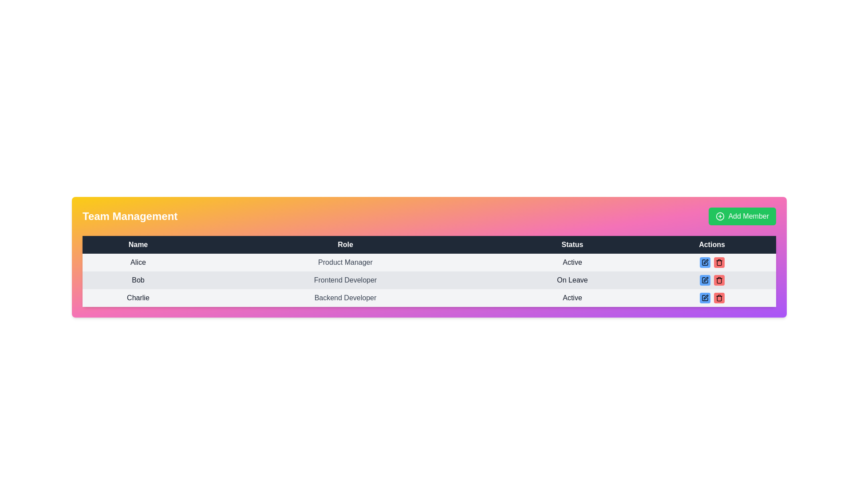 The image size is (852, 479). Describe the element at coordinates (704, 280) in the screenshot. I see `the 'Edit' button located in the 'Actions' column next to the red trash icon for the user 'Bob', who is a 'Frontend Developer'` at that location.